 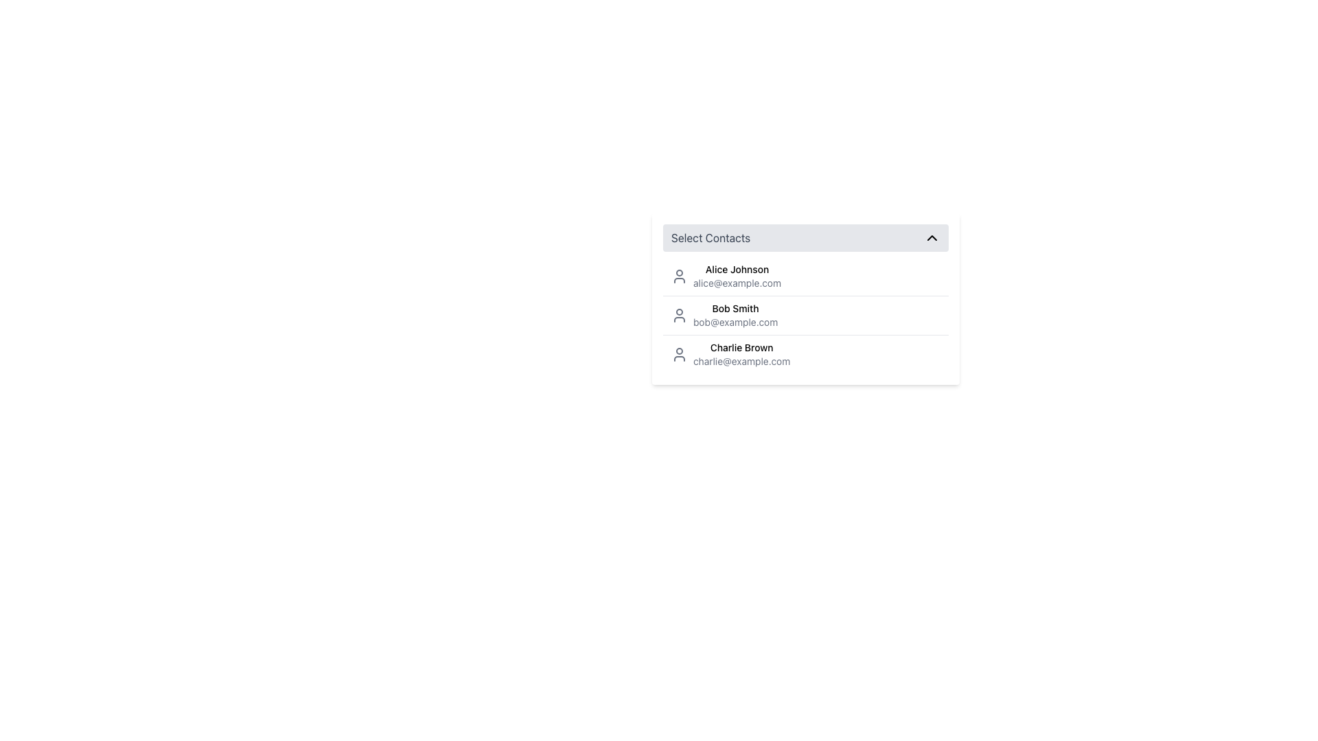 What do you see at coordinates (806, 315) in the screenshot?
I see `to select the contact information for 'Bob Smith', which includes their email 'bob@example.com'. This List Item is the second entry in the contact list, positioned between 'Alice Johnson' and 'Charlie Brown'` at bounding box center [806, 315].